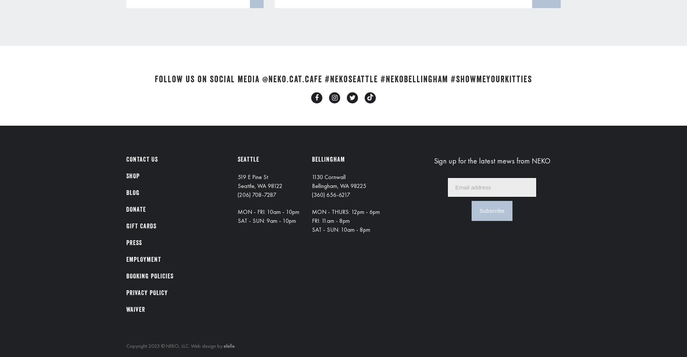 The image size is (687, 357). Describe the element at coordinates (312, 160) in the screenshot. I see `'BELLINGHAM'` at that location.